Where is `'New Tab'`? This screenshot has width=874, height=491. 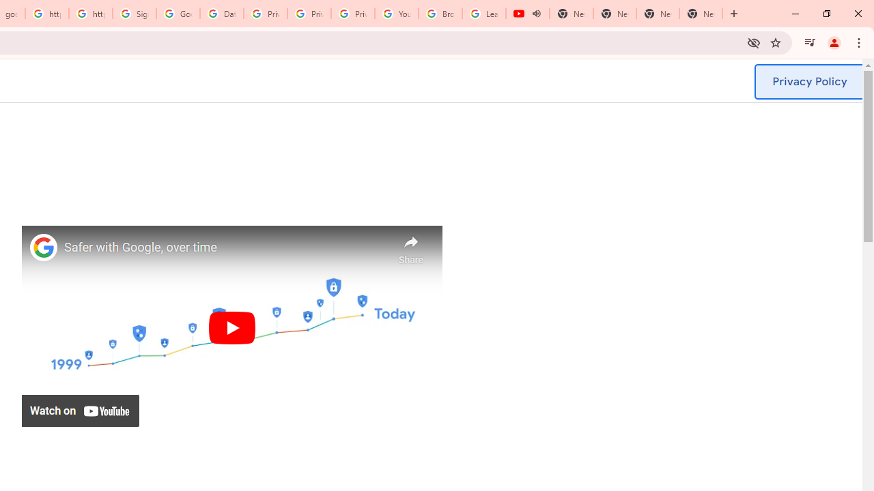 'New Tab' is located at coordinates (701, 14).